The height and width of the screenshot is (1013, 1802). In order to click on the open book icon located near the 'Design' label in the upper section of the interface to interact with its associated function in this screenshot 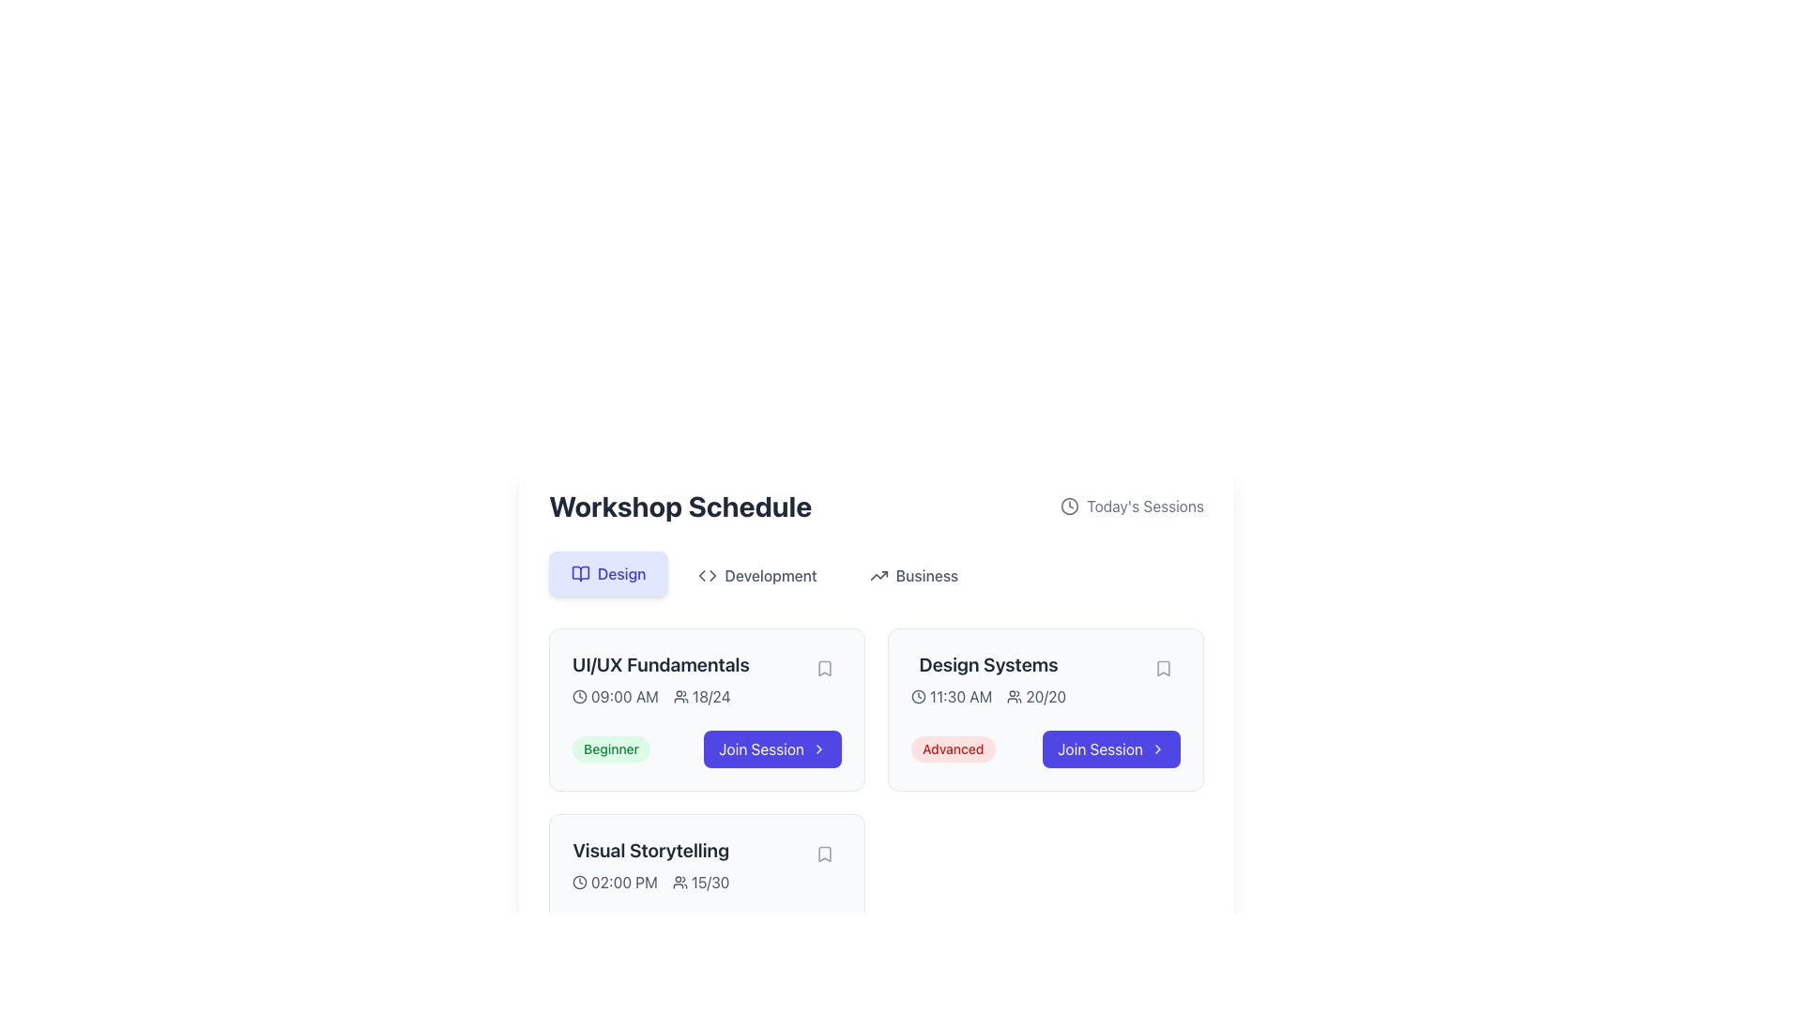, I will do `click(580, 573)`.